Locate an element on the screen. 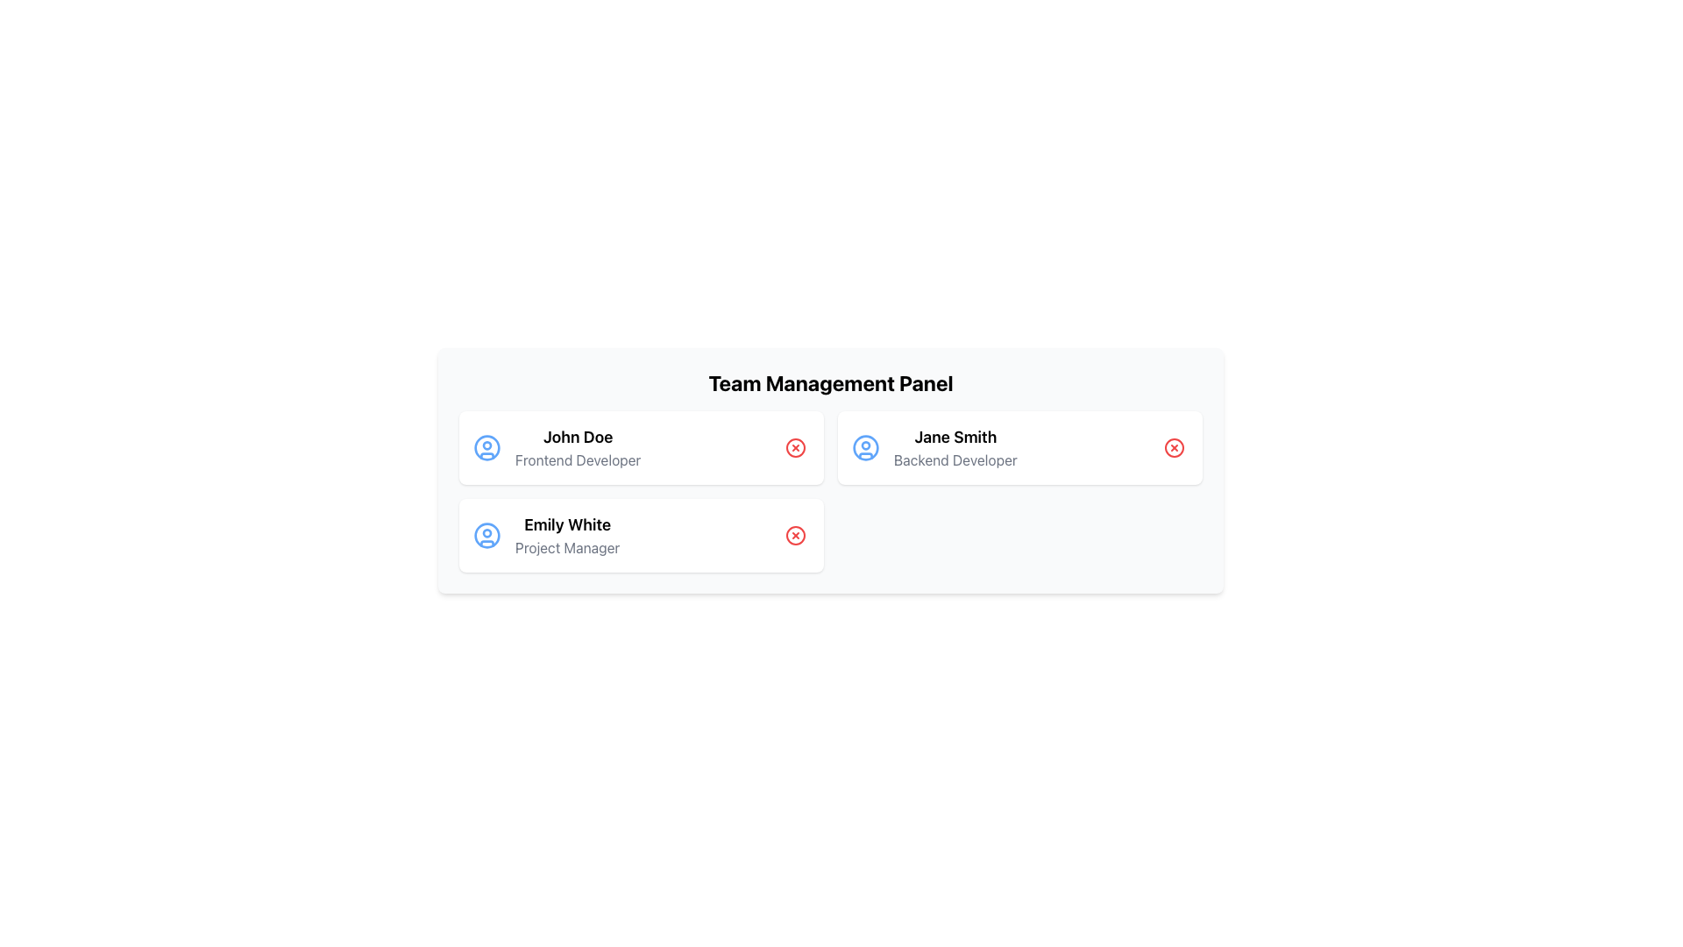  the text label displaying 'John Doe - Frontend Developer' is located at coordinates (578, 446).